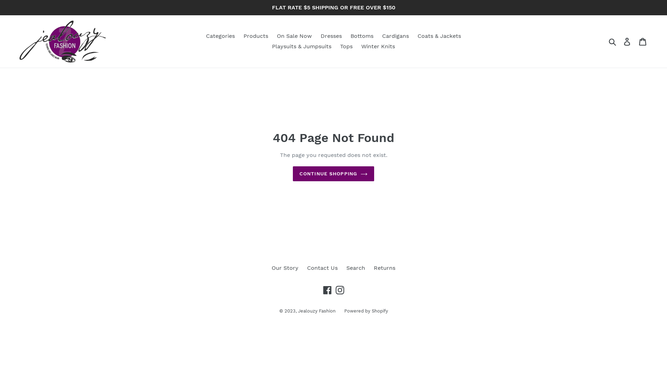 The width and height of the screenshot is (667, 375). What do you see at coordinates (298, 310) in the screenshot?
I see `'Jealouzy Fashion'` at bounding box center [298, 310].